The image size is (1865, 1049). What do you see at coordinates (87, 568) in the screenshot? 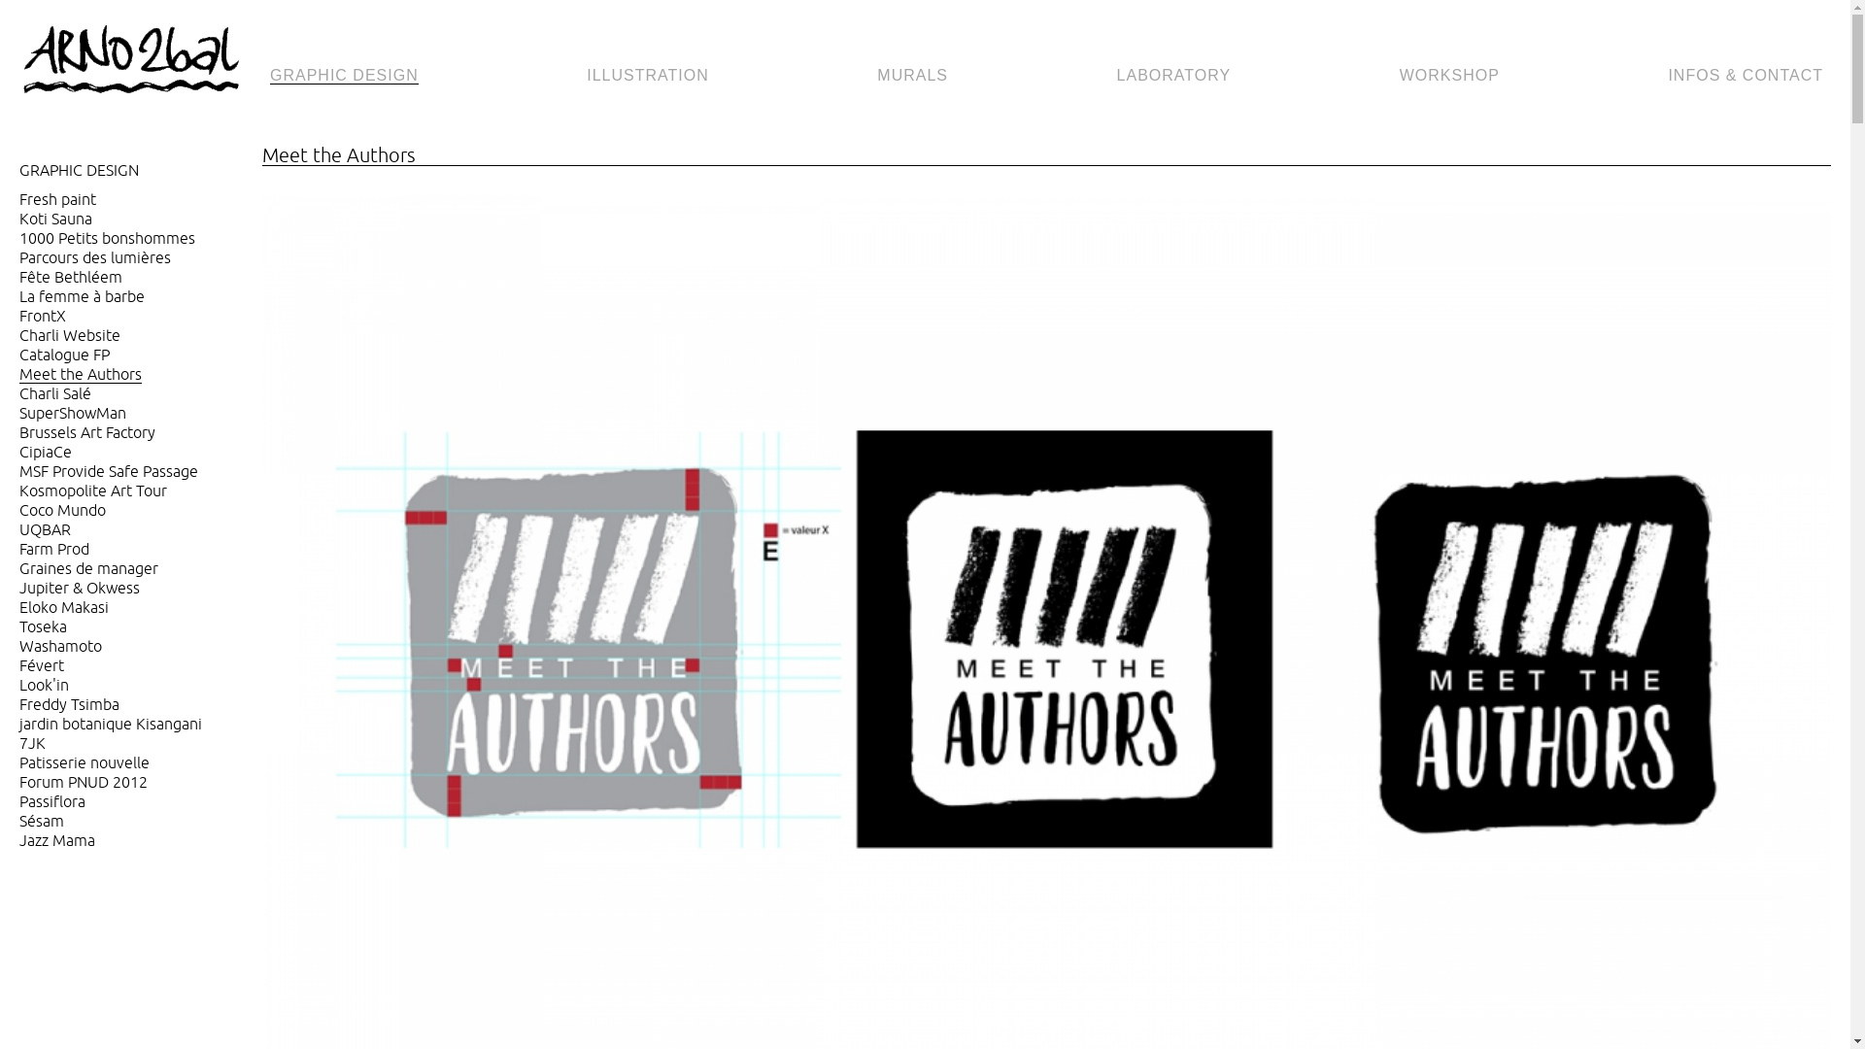
I see `'Graines de manager'` at bounding box center [87, 568].